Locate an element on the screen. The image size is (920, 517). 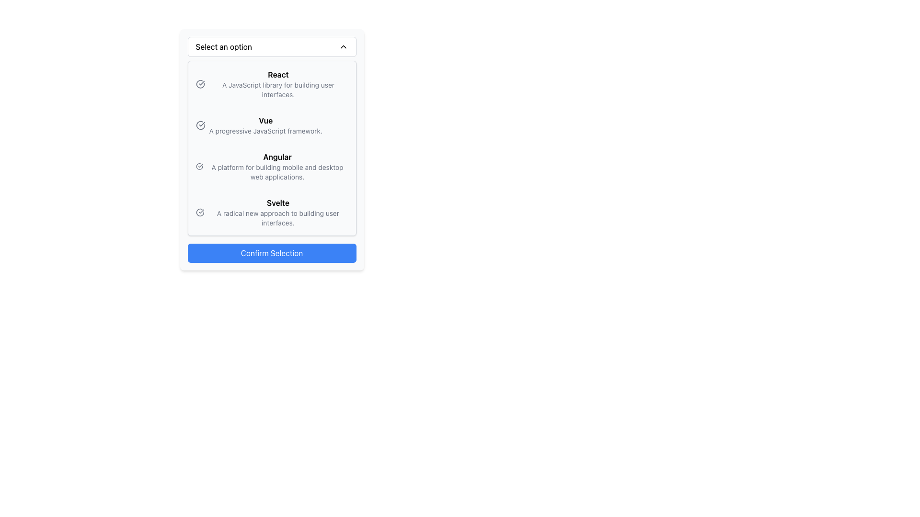
the selectable list option containing the heading 'Svelte' and its description is located at coordinates (271, 212).